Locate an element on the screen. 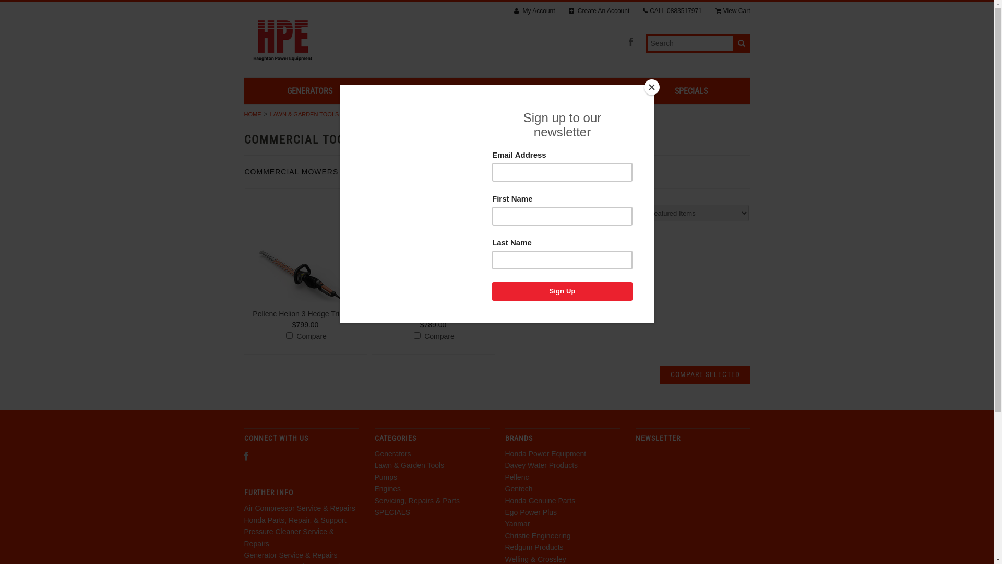  'Pressure Cleaner Service & Repairs' is located at coordinates (289, 537).